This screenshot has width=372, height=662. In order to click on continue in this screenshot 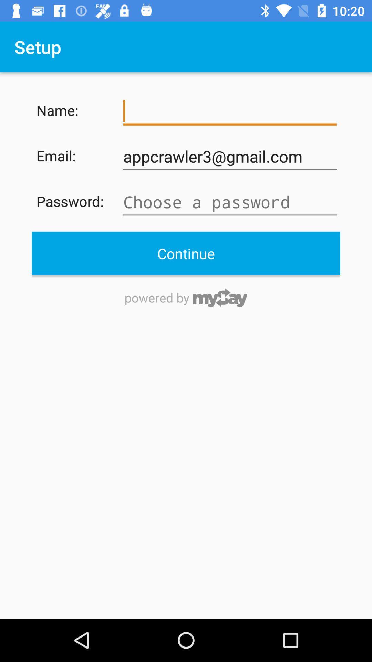, I will do `click(186, 253)`.